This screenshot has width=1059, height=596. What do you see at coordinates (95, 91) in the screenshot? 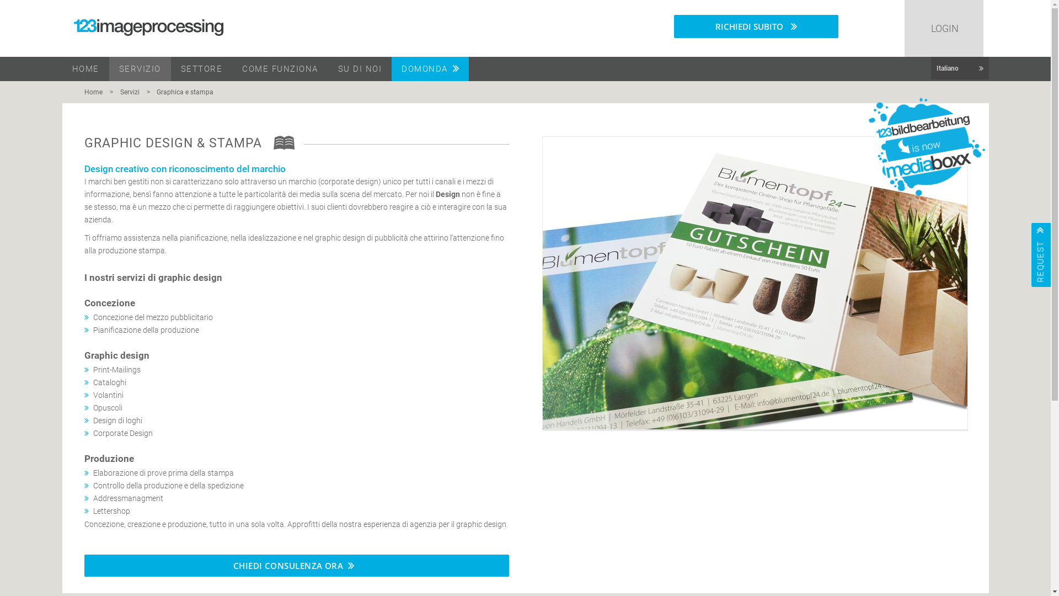
I see `'Home'` at bounding box center [95, 91].